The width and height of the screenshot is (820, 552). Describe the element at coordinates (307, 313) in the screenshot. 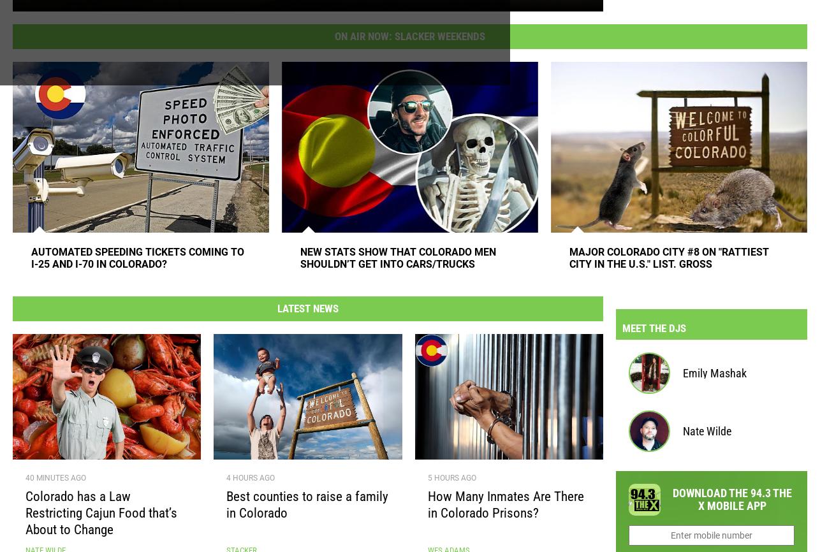

I see `'Latest News'` at that location.